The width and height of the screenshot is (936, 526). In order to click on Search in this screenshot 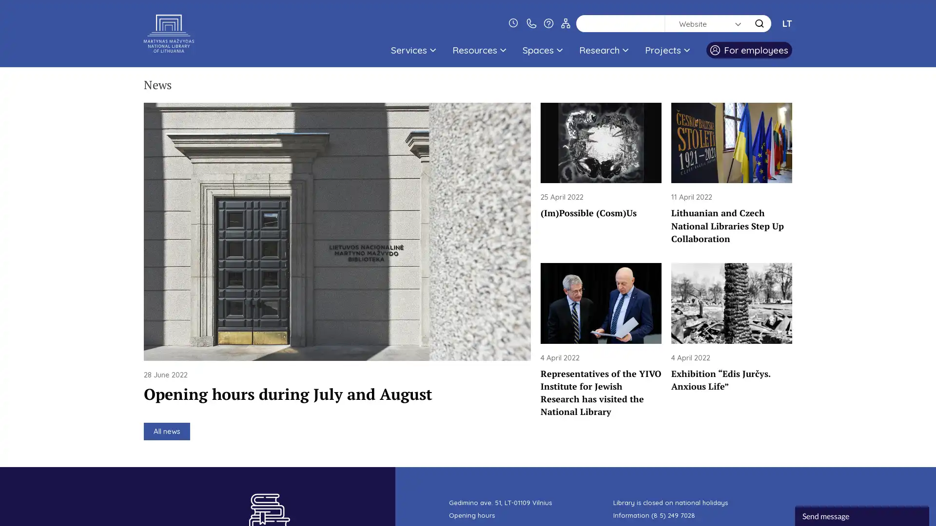, I will do `click(759, 23)`.